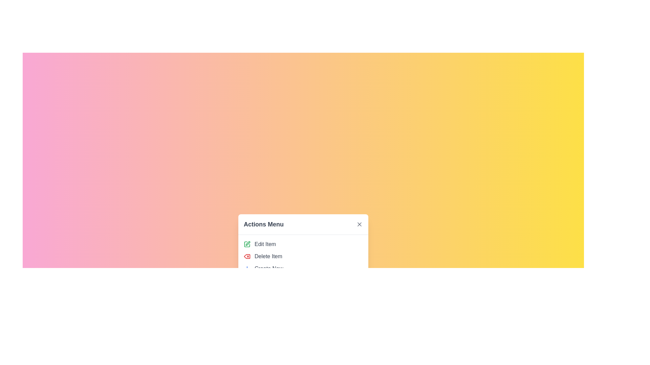 The image size is (650, 365). I want to click on the Close button icon located in the top-right corner of the 'Actions Menu' panel by moving the cursor to it, so click(359, 224).